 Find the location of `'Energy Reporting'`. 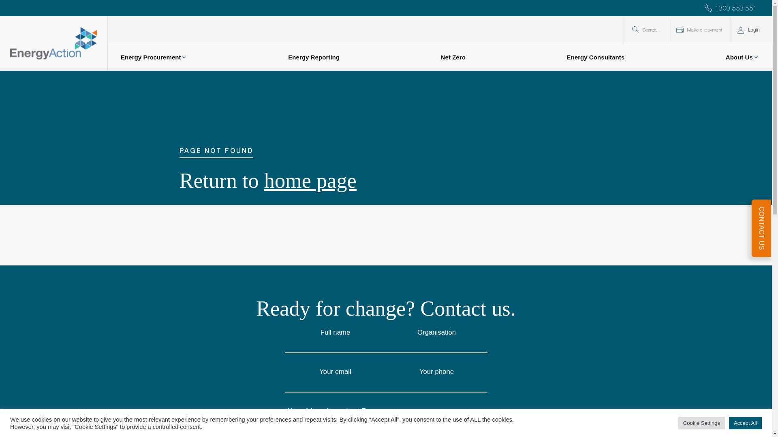

'Energy Reporting' is located at coordinates (313, 57).